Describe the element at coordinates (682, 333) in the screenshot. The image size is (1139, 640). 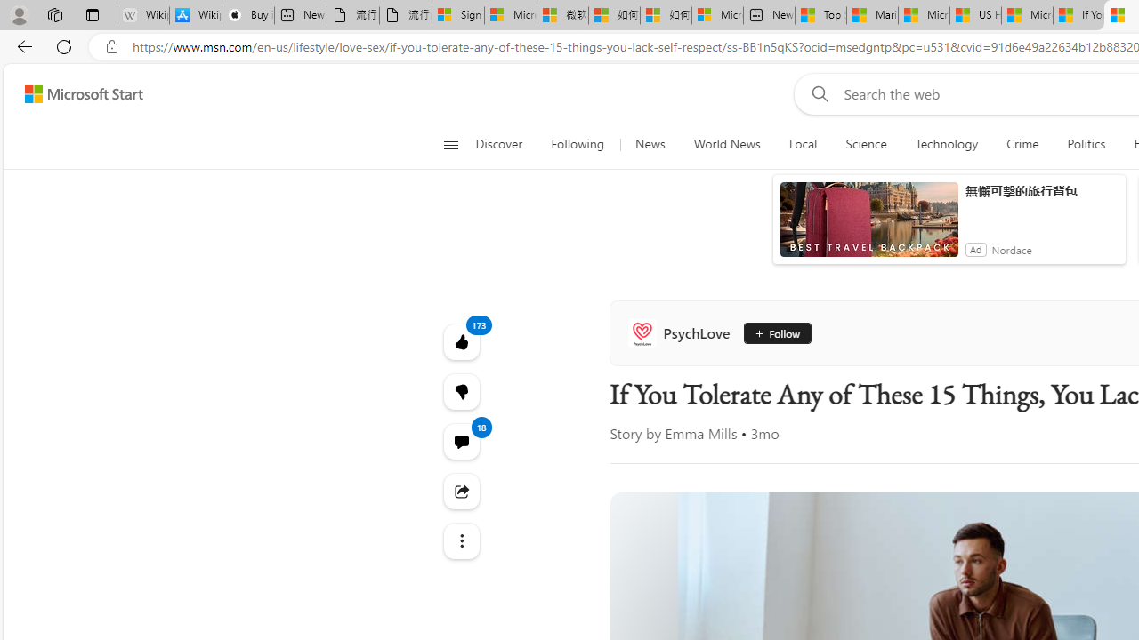
I see `'PsychLove'` at that location.